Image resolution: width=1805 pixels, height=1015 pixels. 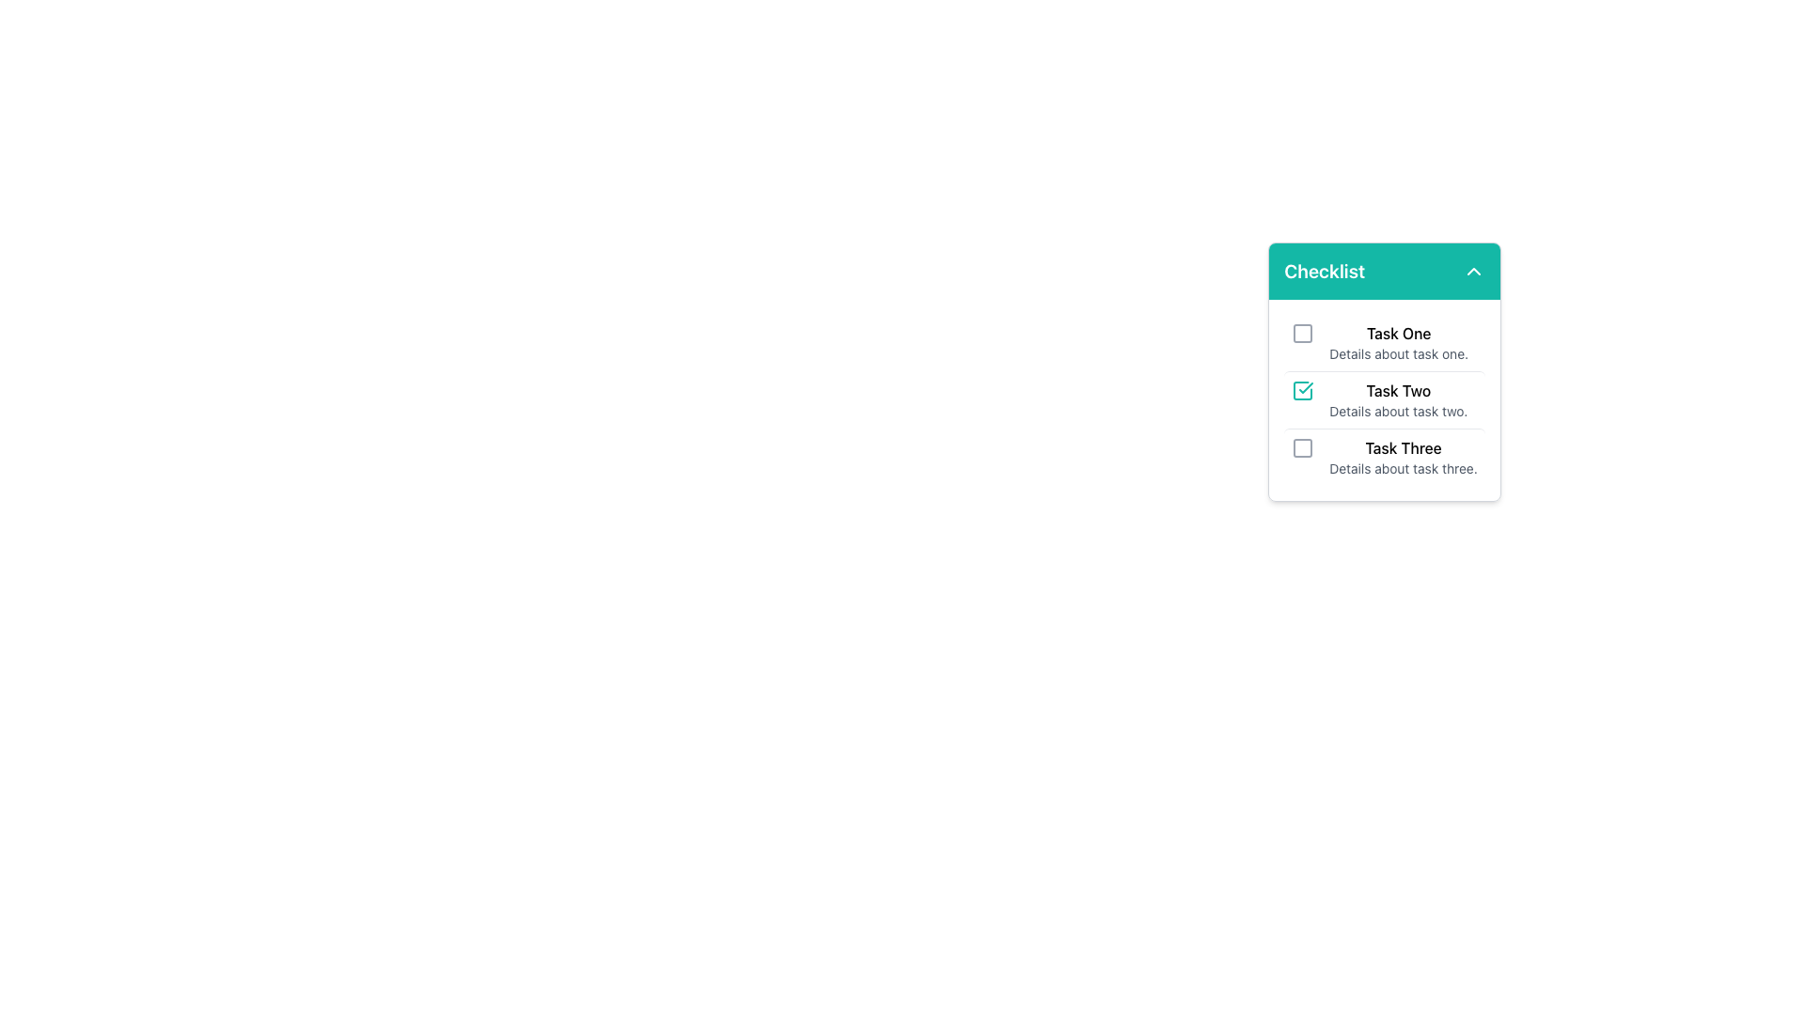 What do you see at coordinates (1385, 457) in the screenshot?
I see `the title of the checklist item labeled 'Task Three'` at bounding box center [1385, 457].